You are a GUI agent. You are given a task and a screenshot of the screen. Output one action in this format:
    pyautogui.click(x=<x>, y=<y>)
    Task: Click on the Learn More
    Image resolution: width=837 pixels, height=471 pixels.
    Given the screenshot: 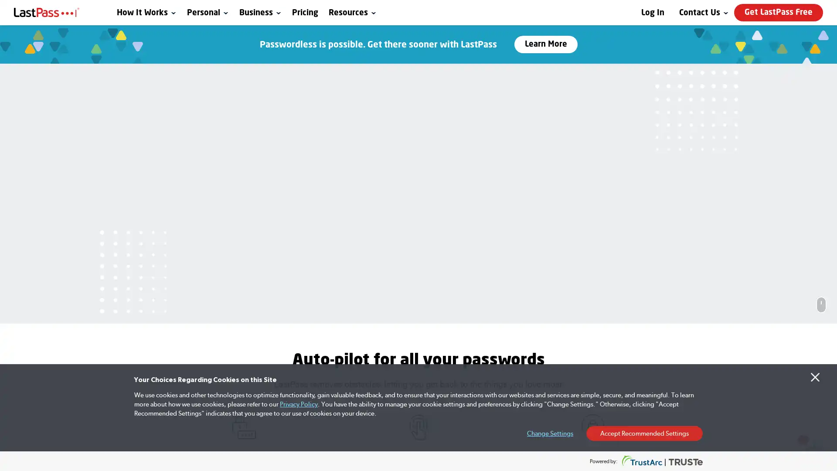 What is the action you would take?
    pyautogui.click(x=545, y=44)
    